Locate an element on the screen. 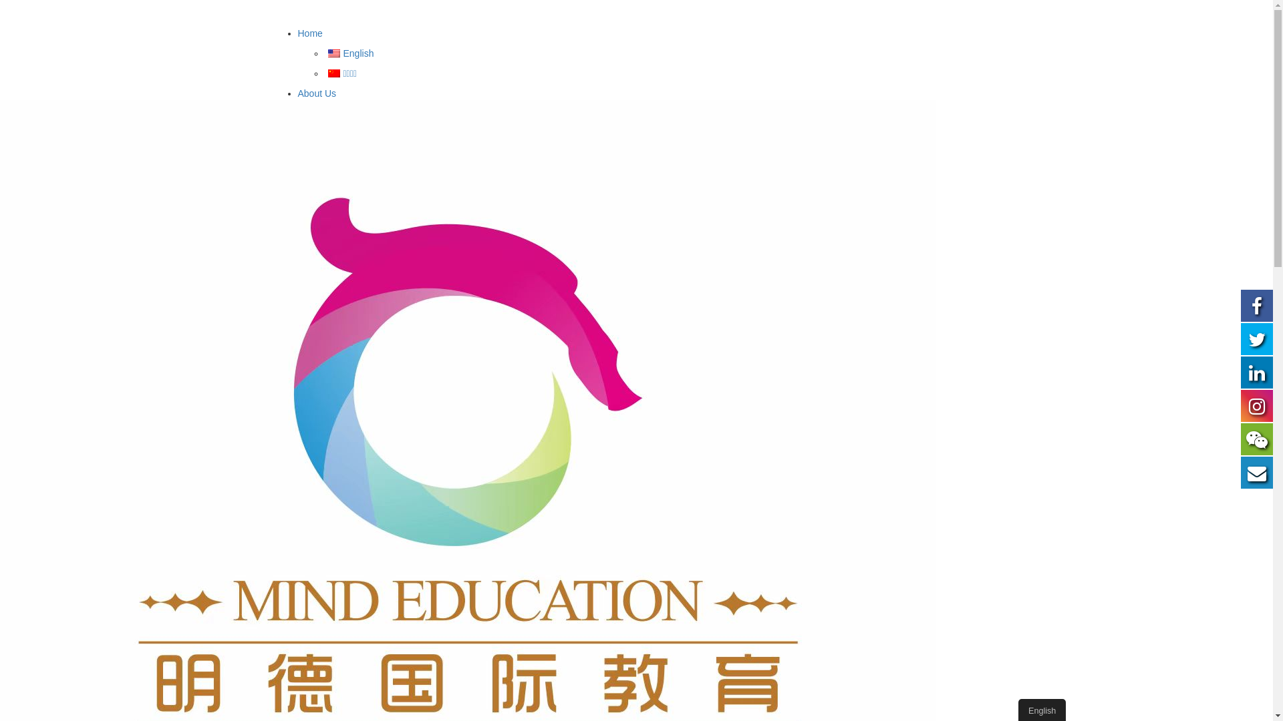  'Study in Australia' is located at coordinates (333, 174).